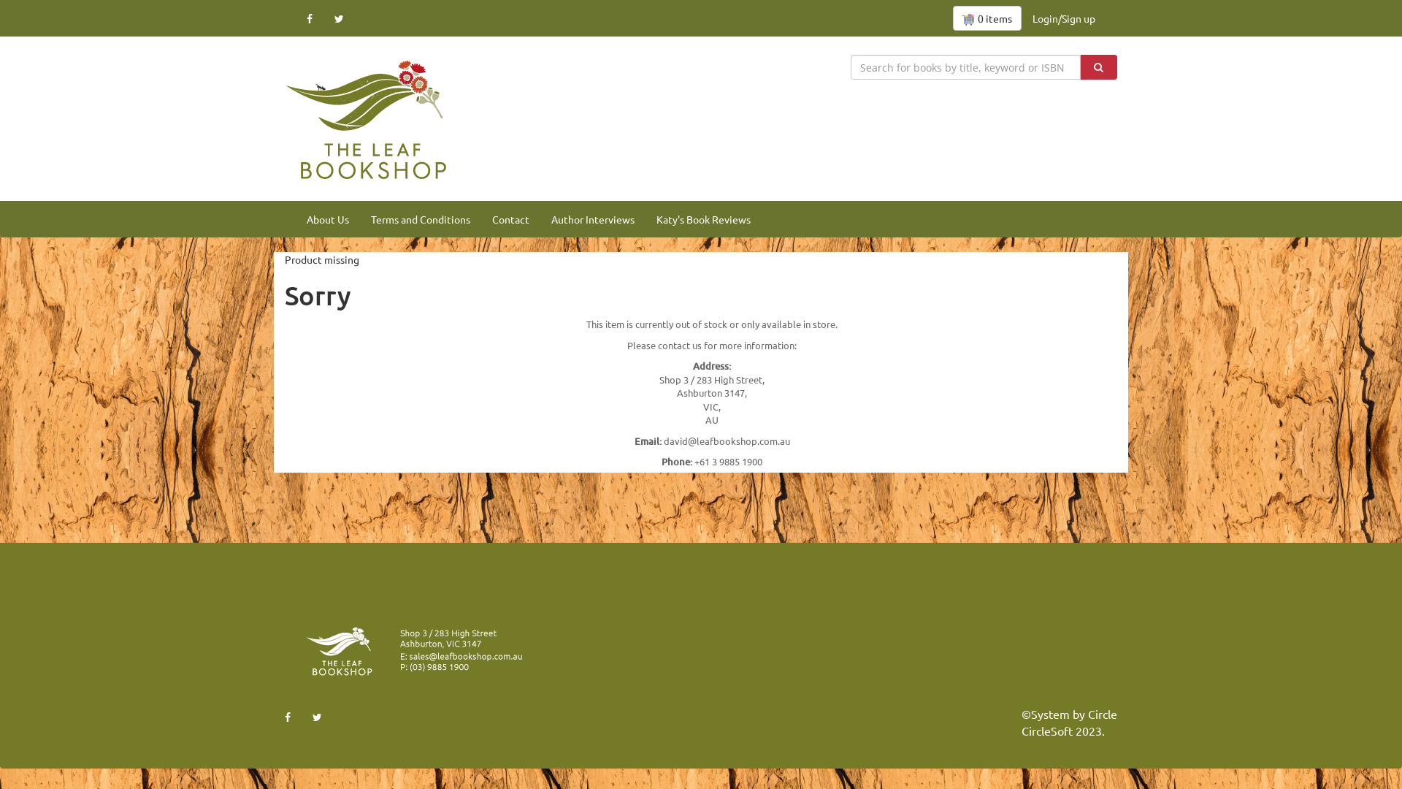  Describe the element at coordinates (1064, 18) in the screenshot. I see `'Login/Sign up'` at that location.